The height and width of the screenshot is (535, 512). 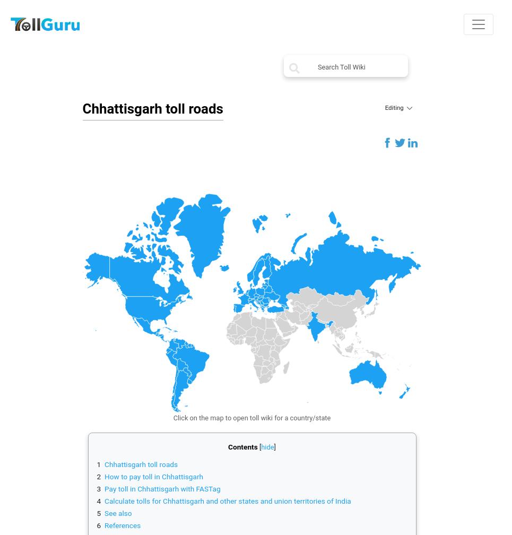 What do you see at coordinates (98, 525) in the screenshot?
I see `'6'` at bounding box center [98, 525].